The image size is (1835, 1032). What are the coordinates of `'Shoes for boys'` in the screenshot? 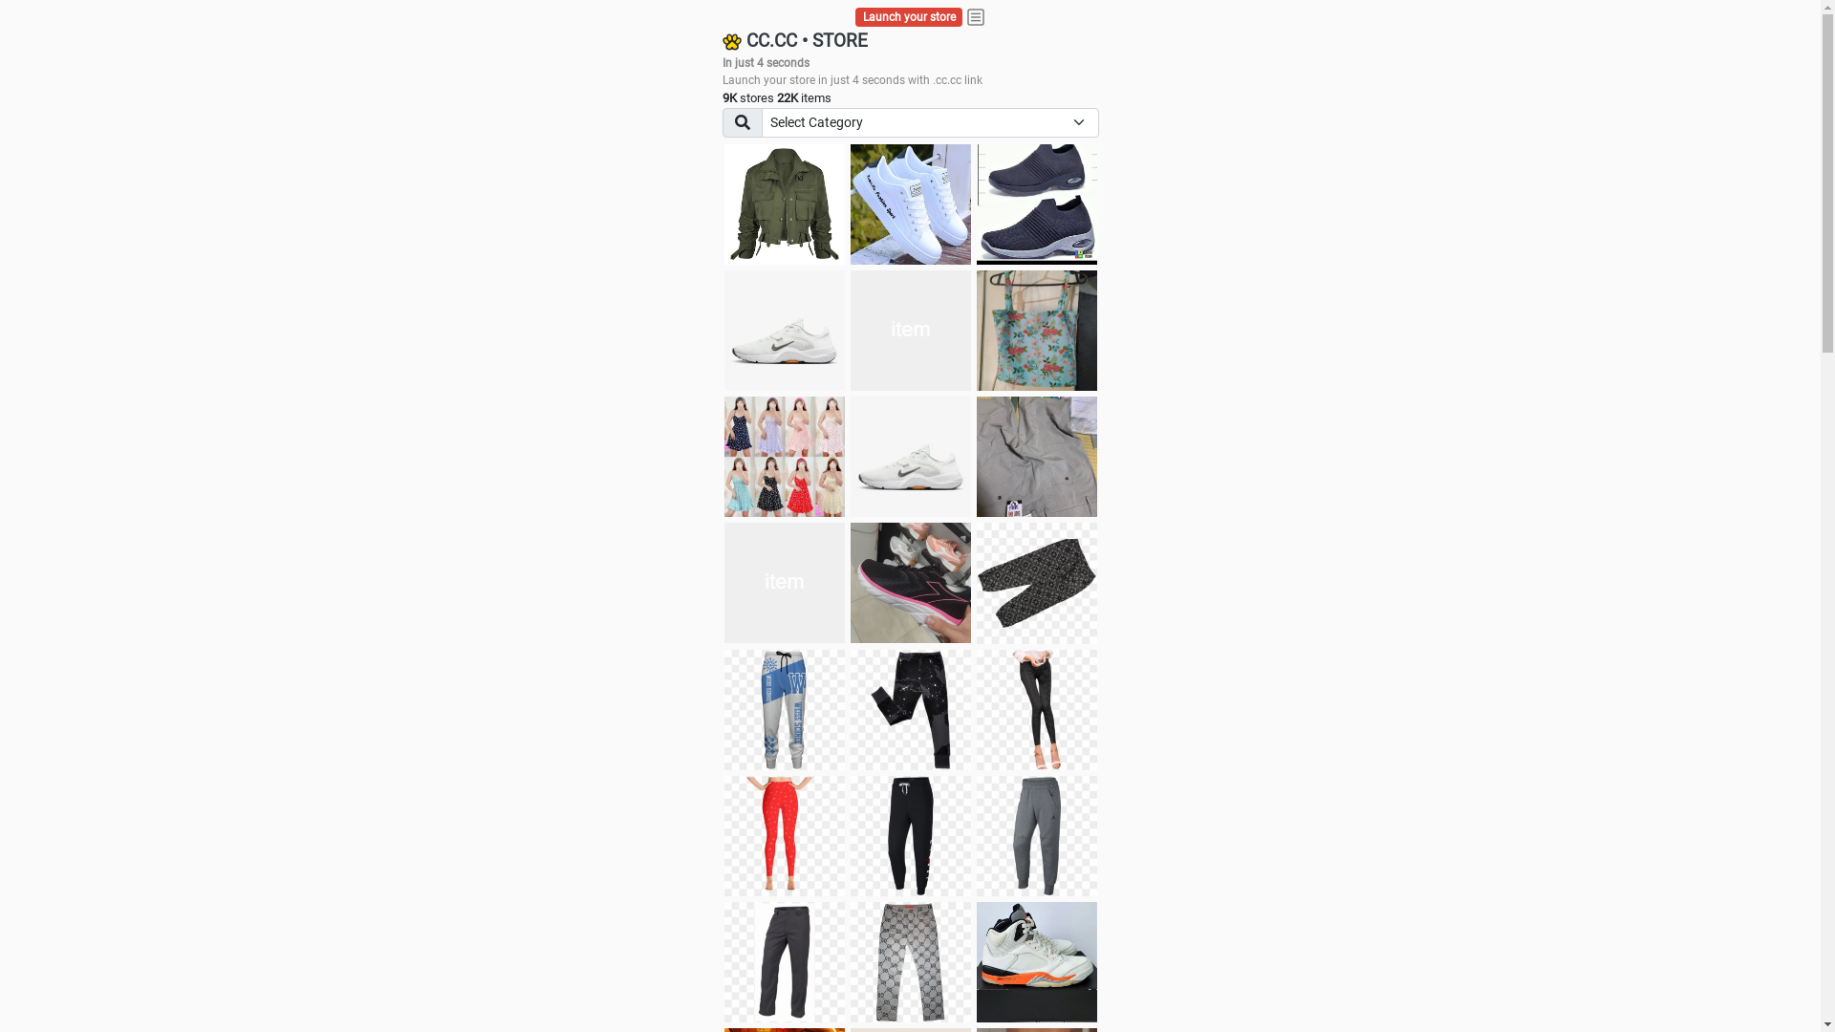 It's located at (784, 330).